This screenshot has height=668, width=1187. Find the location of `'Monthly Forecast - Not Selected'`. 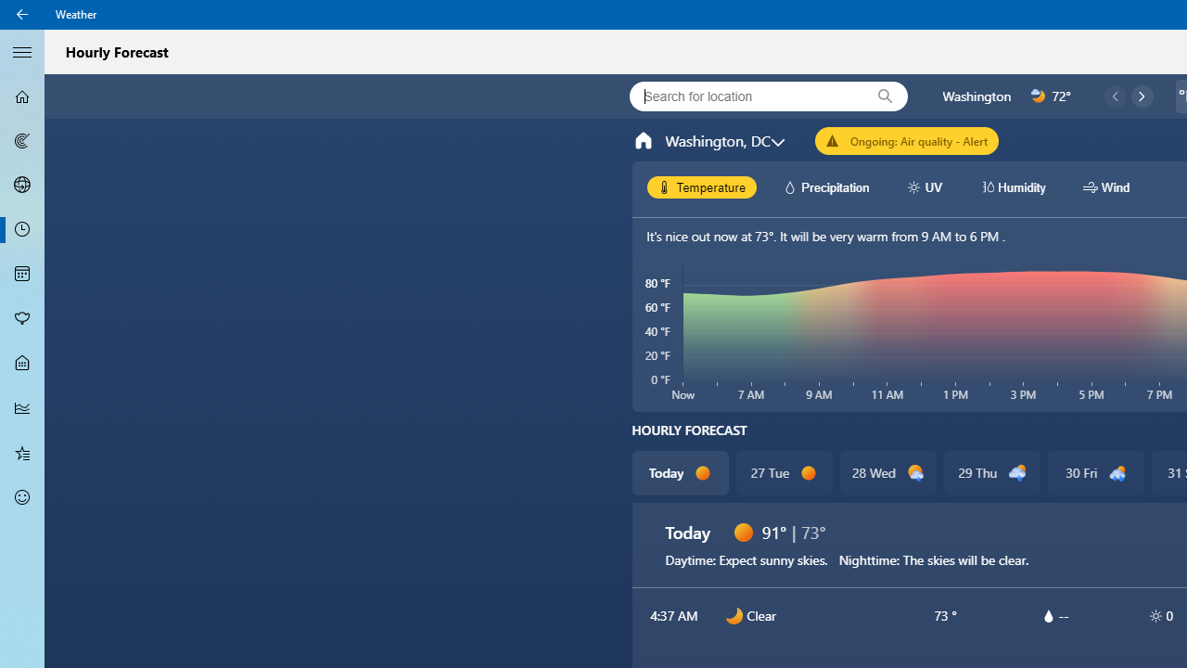

'Monthly Forecast - Not Selected' is located at coordinates (22, 274).